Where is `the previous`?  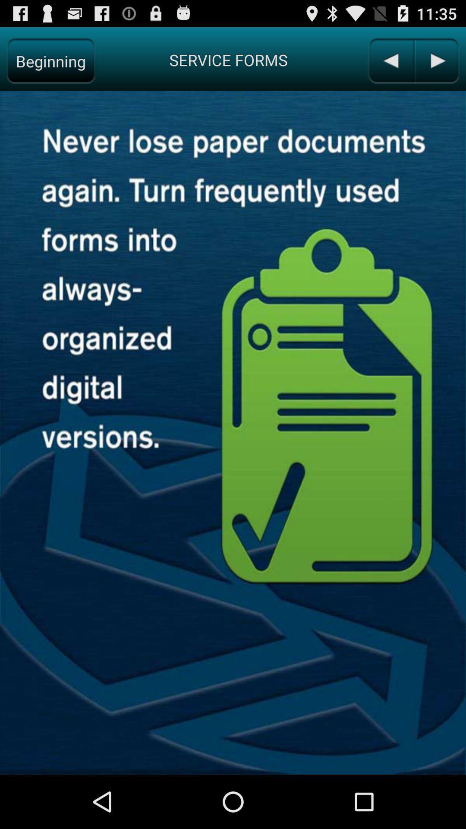
the previous is located at coordinates (391, 60).